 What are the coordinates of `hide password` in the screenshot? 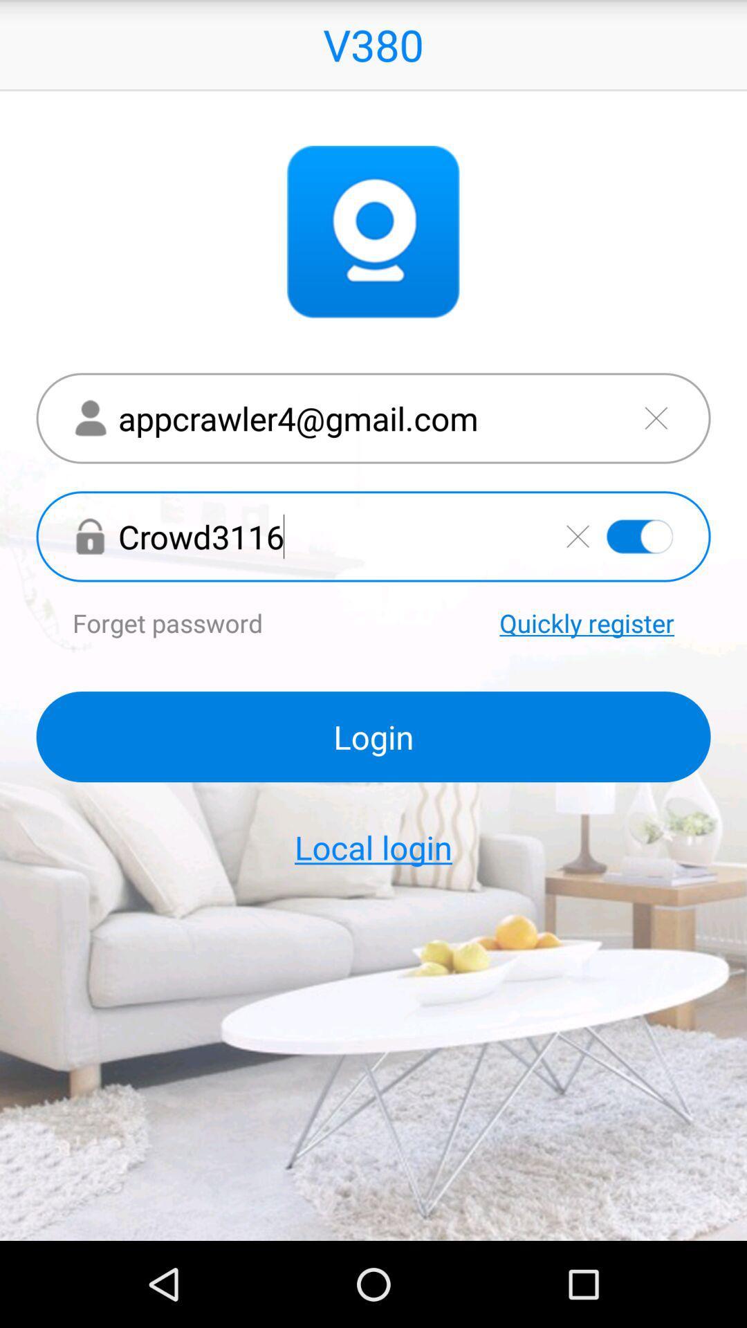 It's located at (640, 535).